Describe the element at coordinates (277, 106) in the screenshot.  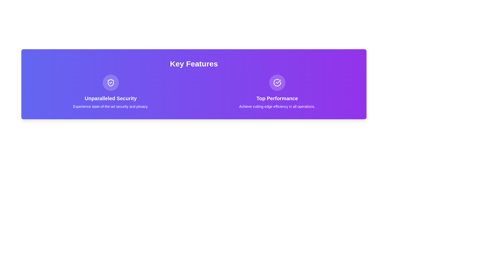
I see `text element that displays 'Achieve cutting-edge efficiency in all operations.' which is styled with a purple gradient background and white text color, located under the title 'Top Performance'` at that location.